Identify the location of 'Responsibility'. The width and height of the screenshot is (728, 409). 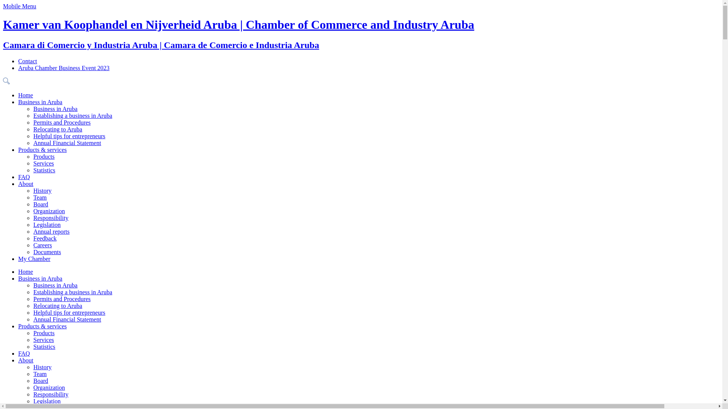
(50, 394).